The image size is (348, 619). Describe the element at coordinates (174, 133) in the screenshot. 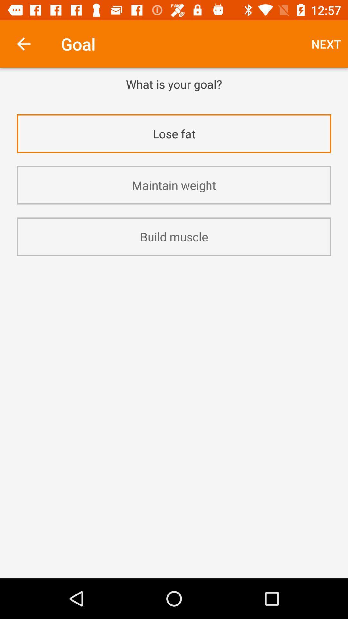

I see `the item above maintain weight icon` at that location.